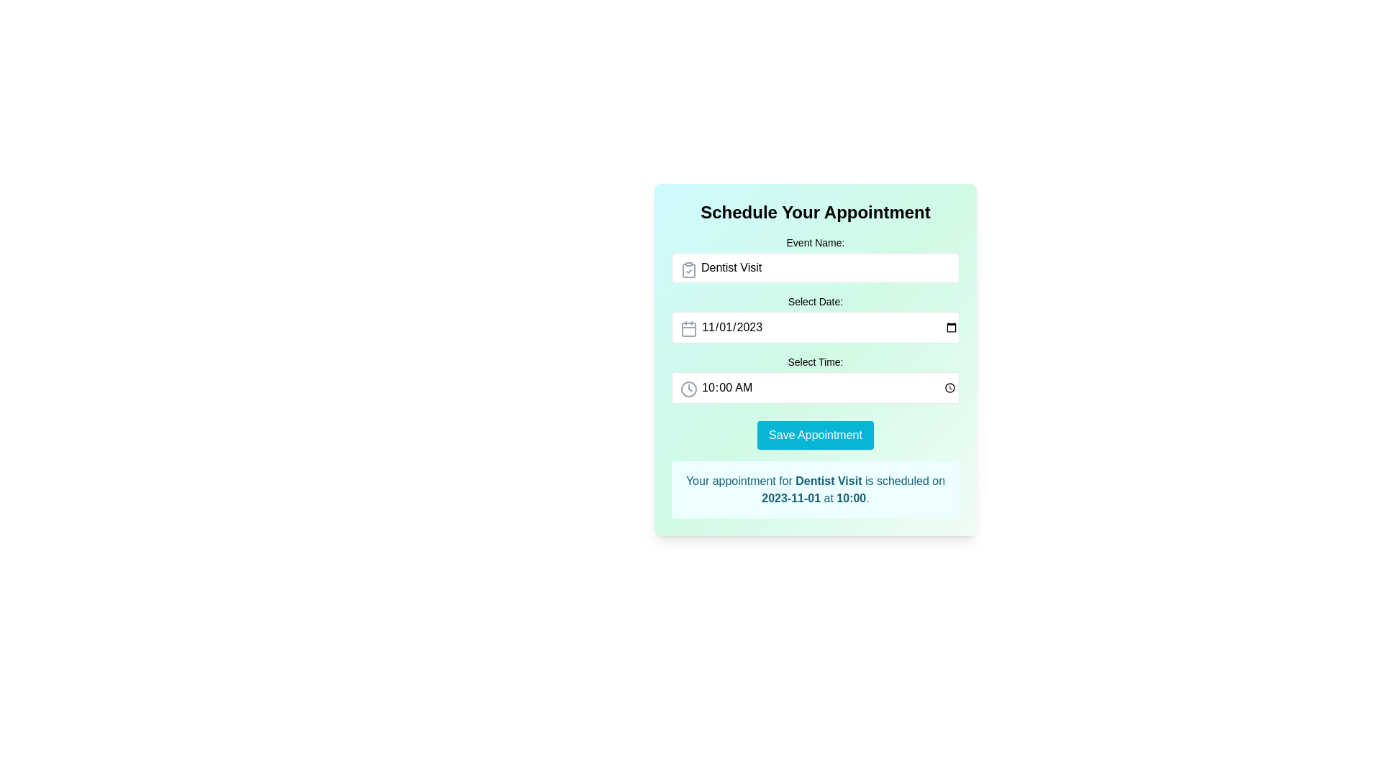  Describe the element at coordinates (815, 268) in the screenshot. I see `all text in the text input field styled with rounded corners and a border, which currently contains the text 'Dentist Visit' and is located directly below the label 'Event Name:'` at that location.